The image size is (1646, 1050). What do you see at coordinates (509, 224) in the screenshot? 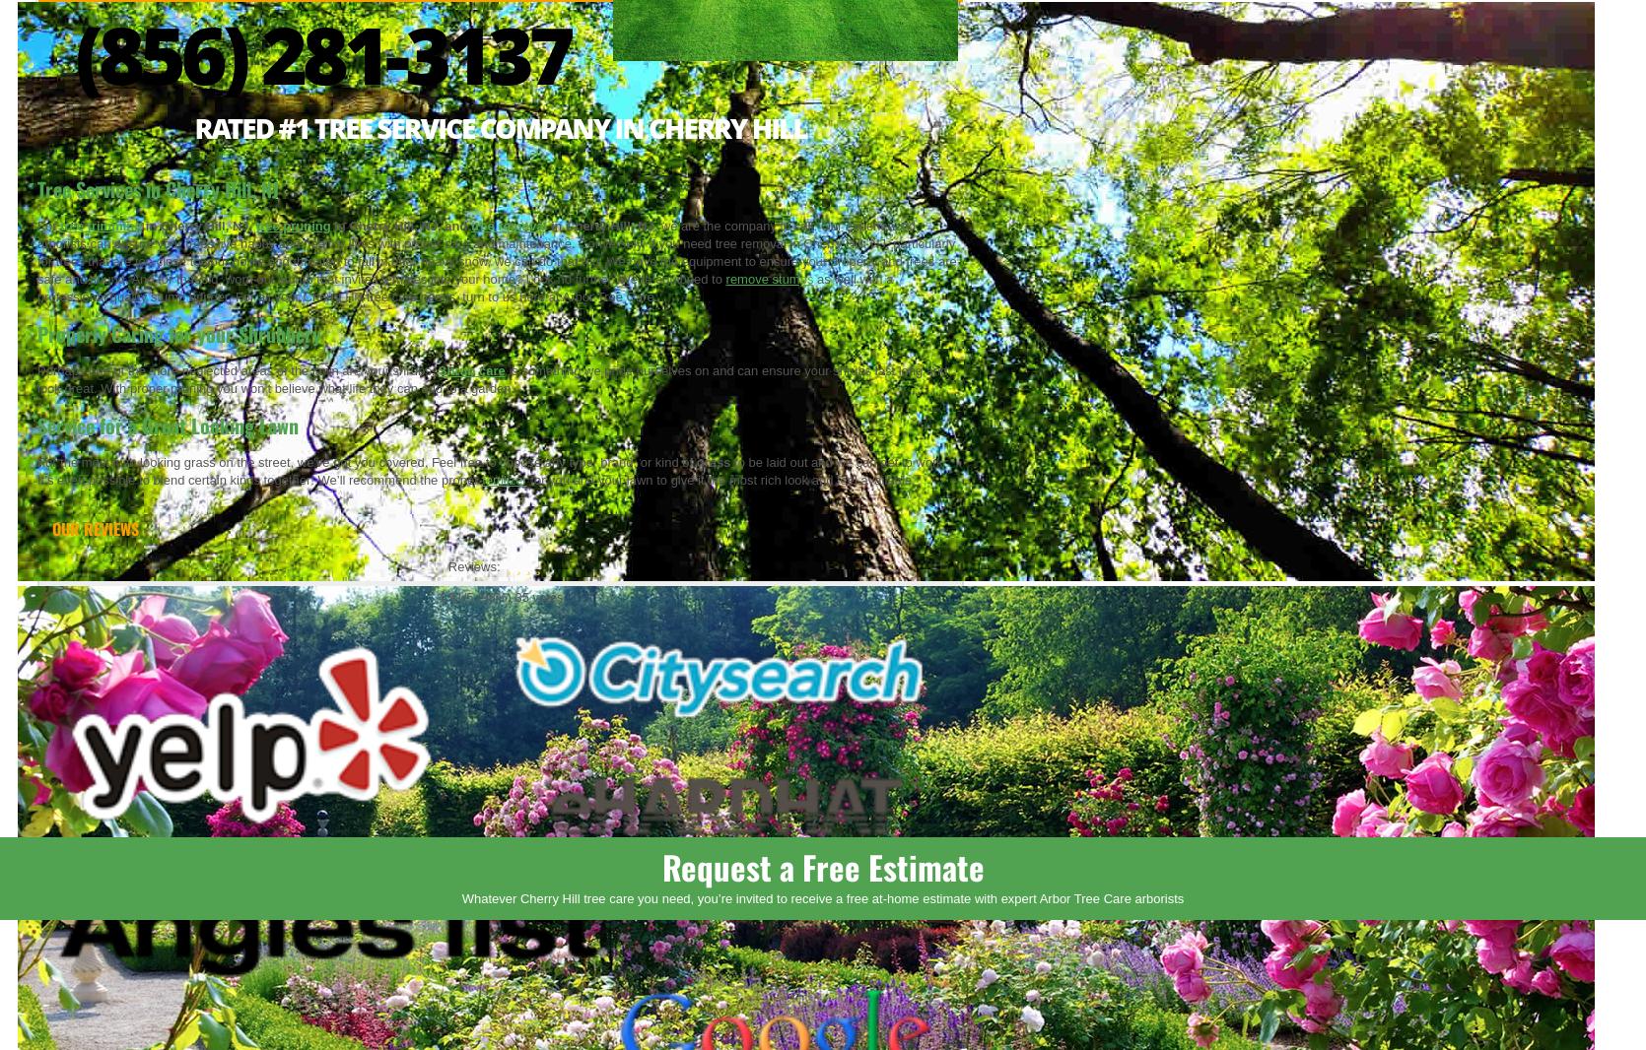
I see `'tree removal'` at bounding box center [509, 224].